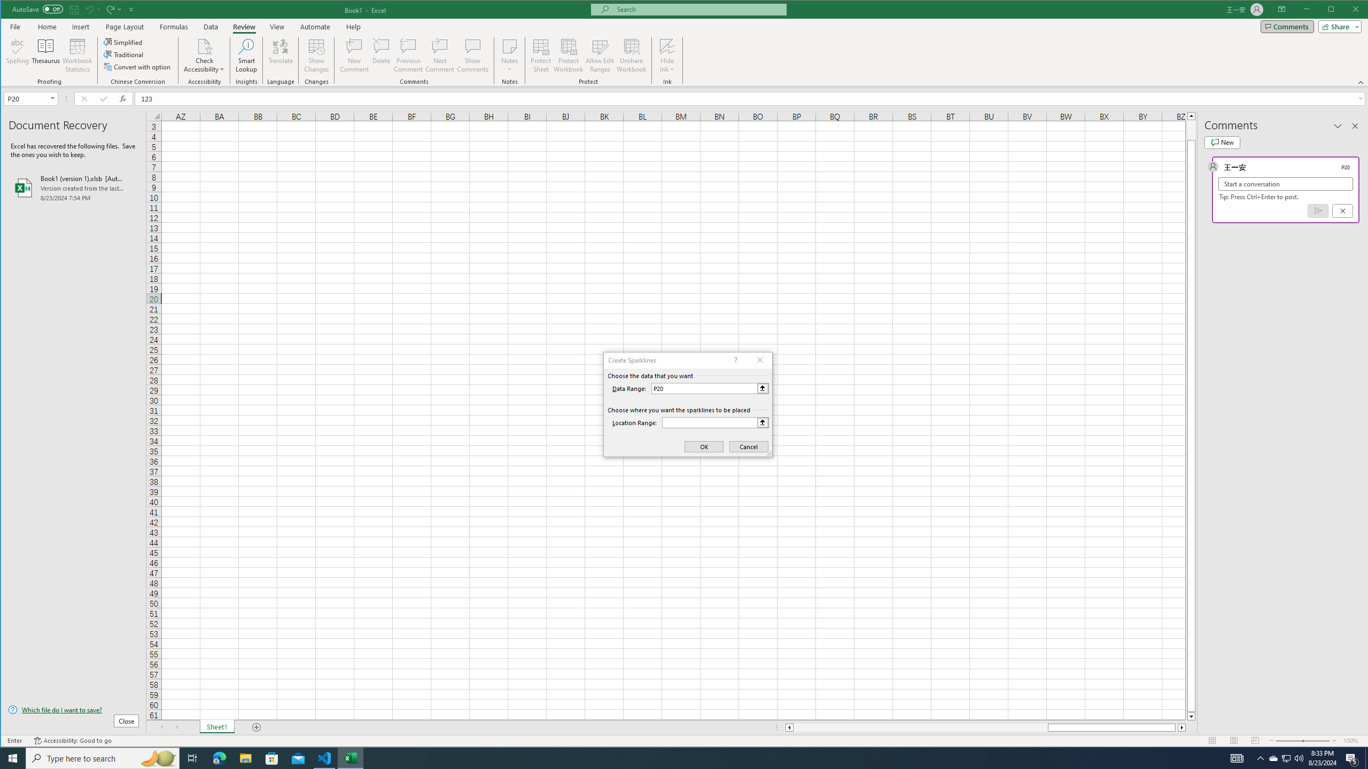  Describe the element at coordinates (74, 188) in the screenshot. I see `'Book1 (version 1).xlsb  [AutoRecovered]'` at that location.